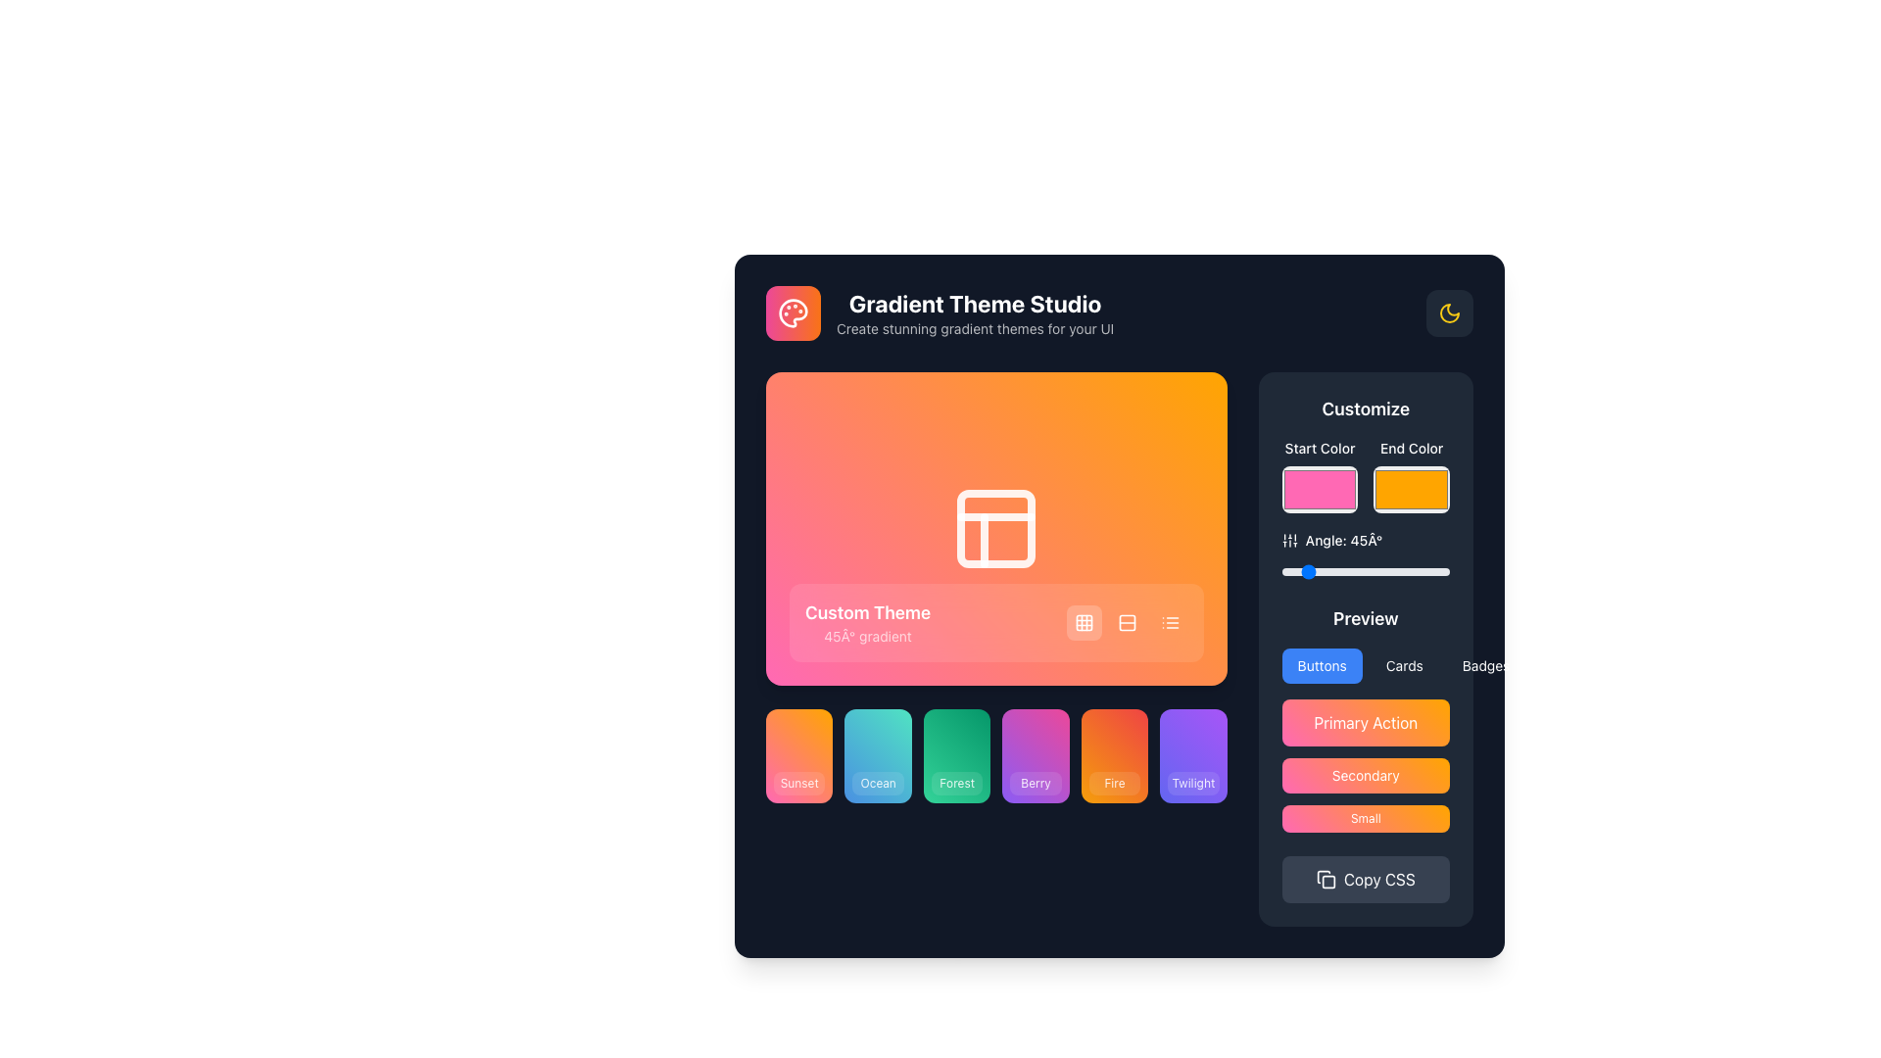 The image size is (1881, 1058). Describe the element at coordinates (877, 754) in the screenshot. I see `the 'Ocean' themed button, the second button in a grid of six` at that location.